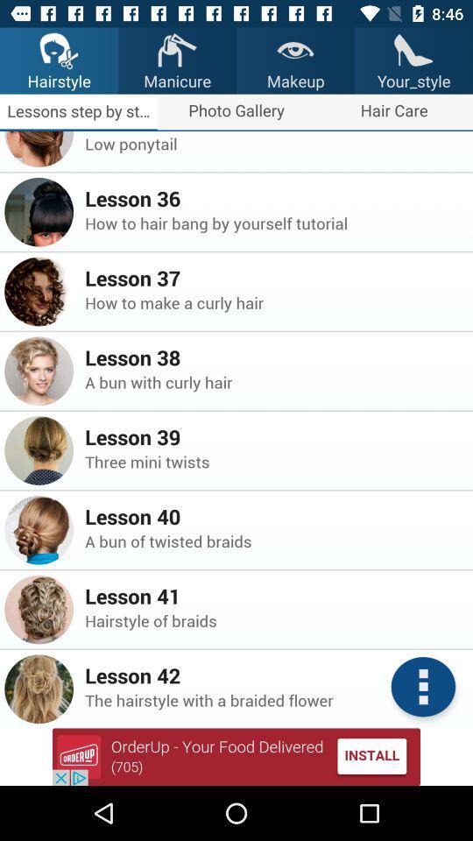 The width and height of the screenshot is (473, 841). What do you see at coordinates (273, 357) in the screenshot?
I see `app above a bun with app` at bounding box center [273, 357].